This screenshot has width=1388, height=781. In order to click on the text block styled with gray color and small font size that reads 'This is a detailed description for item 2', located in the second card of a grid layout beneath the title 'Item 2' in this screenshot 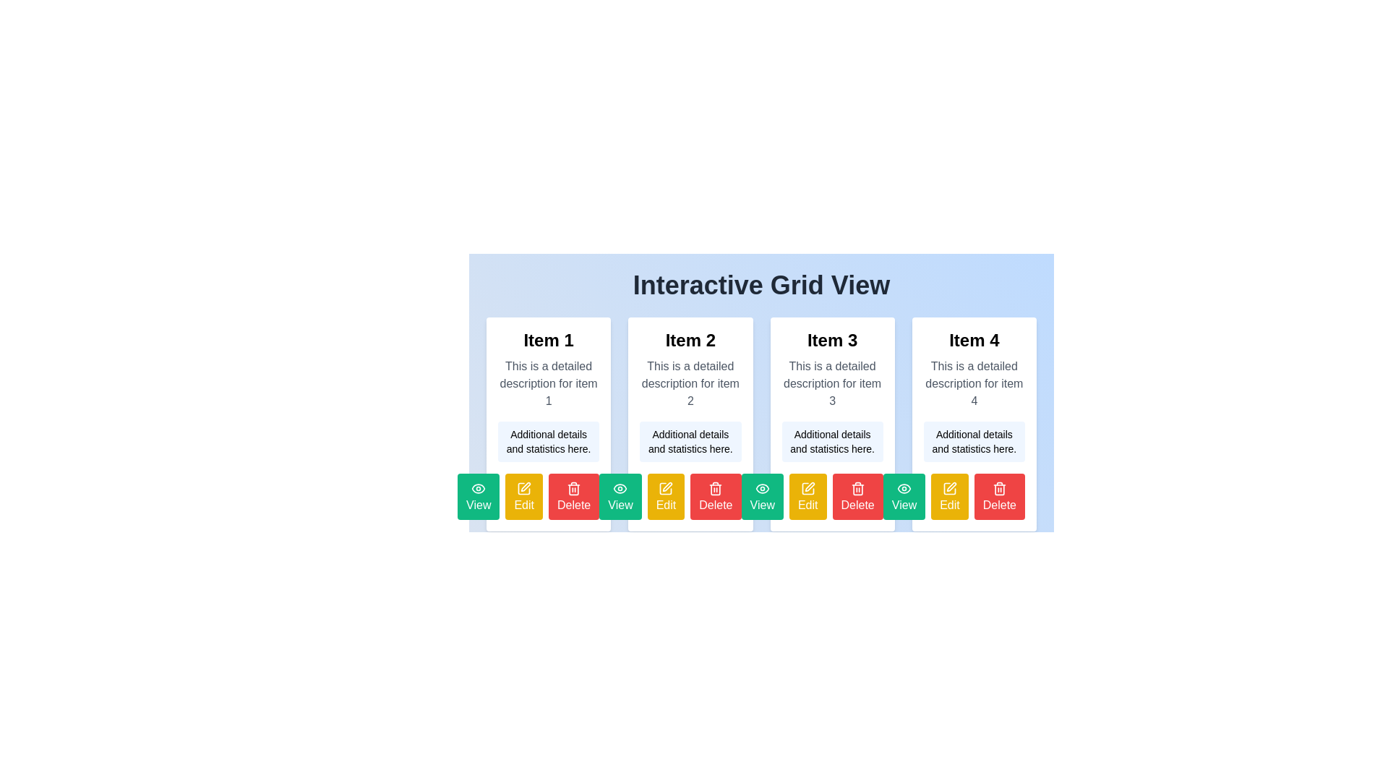, I will do `click(690, 383)`.